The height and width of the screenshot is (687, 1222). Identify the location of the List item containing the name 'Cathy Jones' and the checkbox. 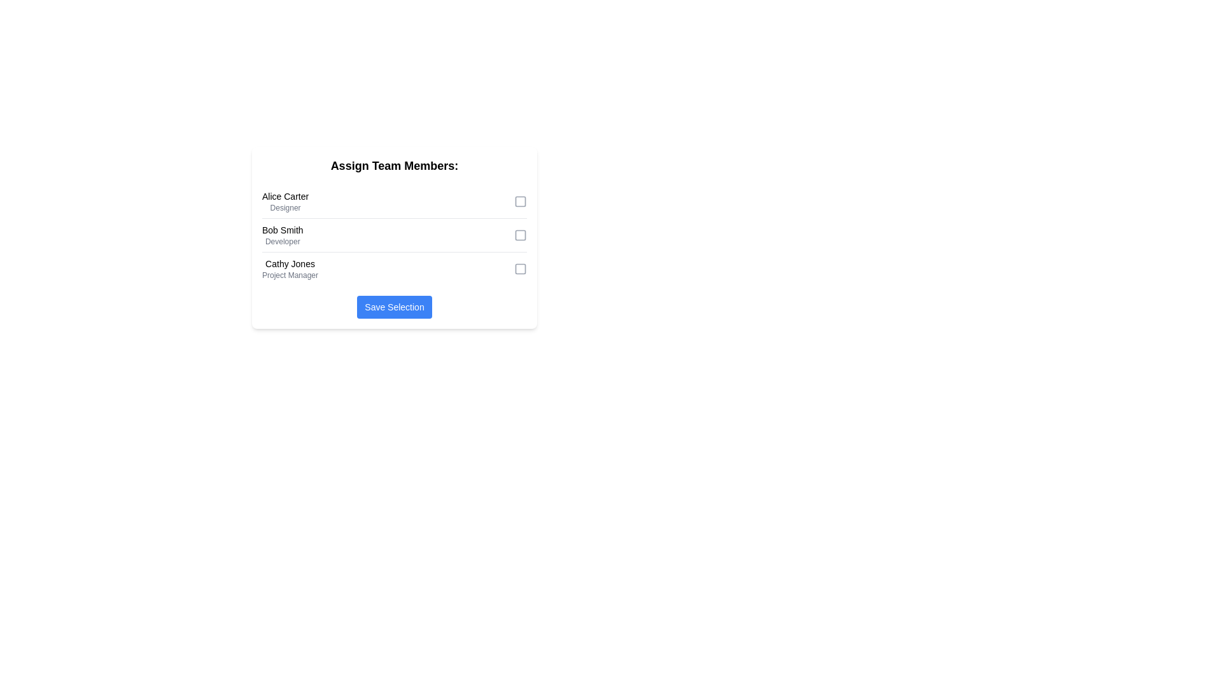
(393, 268).